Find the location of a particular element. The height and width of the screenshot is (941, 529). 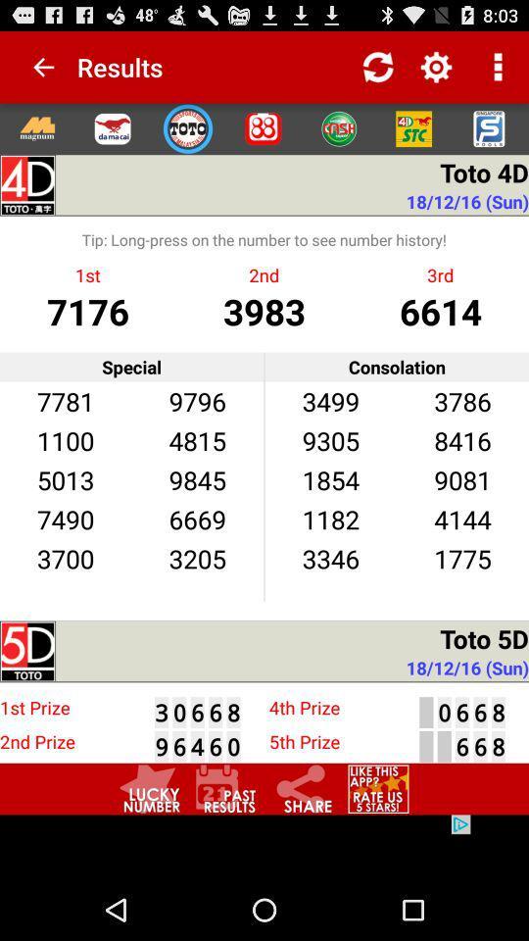

share the link is located at coordinates (302, 789).